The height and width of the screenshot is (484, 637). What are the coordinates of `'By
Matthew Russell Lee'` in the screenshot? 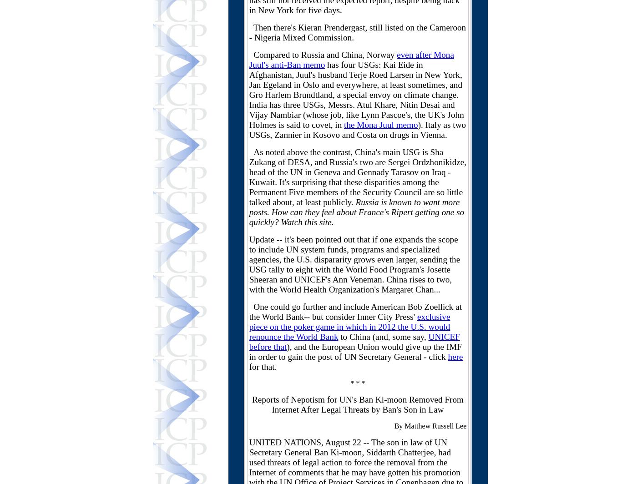 It's located at (430, 426).